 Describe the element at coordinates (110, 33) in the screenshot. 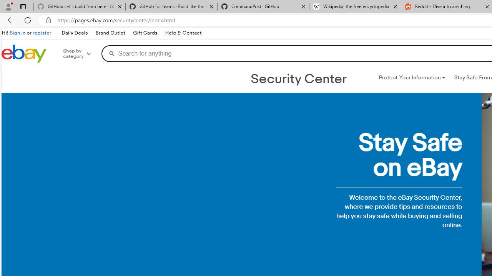

I see `'Brand Outlet'` at that location.